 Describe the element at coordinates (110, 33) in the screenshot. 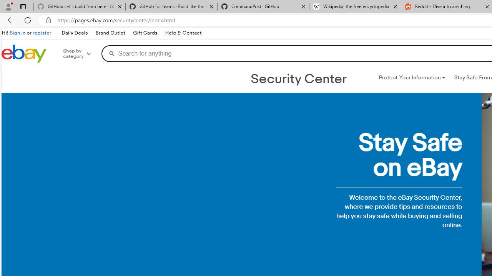

I see `'Brand Outlet'` at that location.